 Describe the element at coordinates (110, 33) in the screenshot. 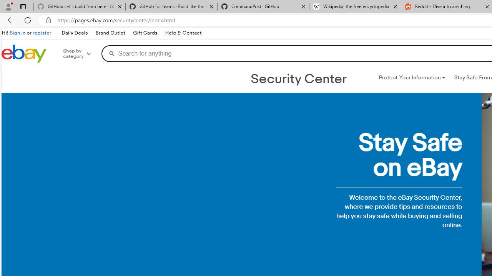

I see `'Brand Outlet'` at that location.